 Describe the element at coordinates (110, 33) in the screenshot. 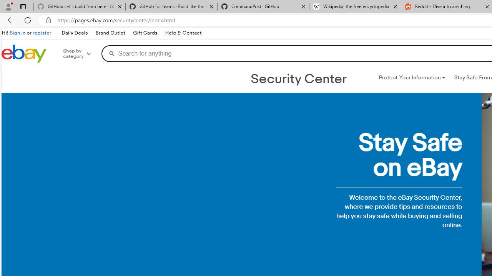

I see `'Brand Outlet'` at that location.